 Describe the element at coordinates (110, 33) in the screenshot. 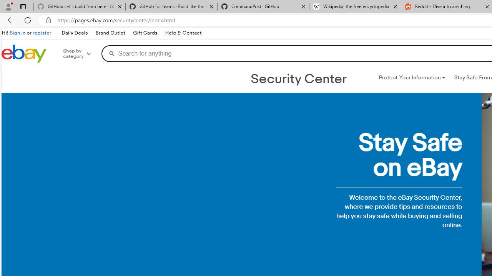

I see `'Brand Outlet'` at that location.